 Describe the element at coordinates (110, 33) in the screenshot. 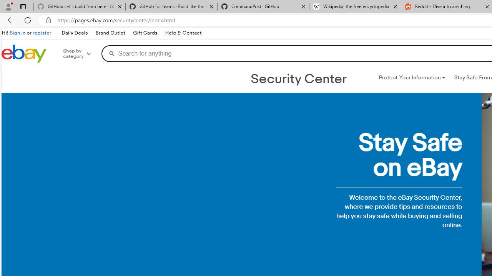

I see `'Brand Outlet'` at that location.